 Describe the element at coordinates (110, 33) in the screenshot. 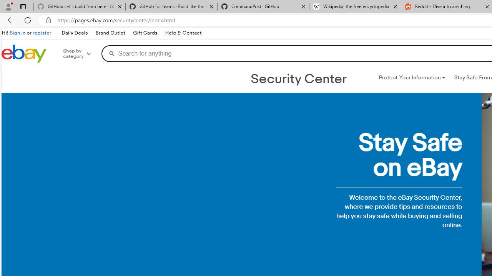

I see `'Brand Outlet'` at that location.